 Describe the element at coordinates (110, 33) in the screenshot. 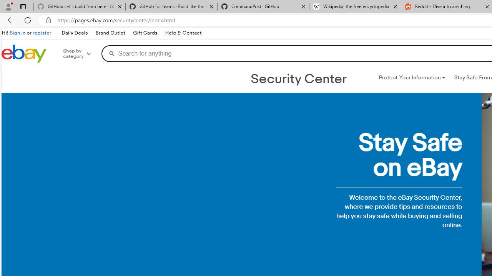

I see `'Brand Outlet'` at that location.